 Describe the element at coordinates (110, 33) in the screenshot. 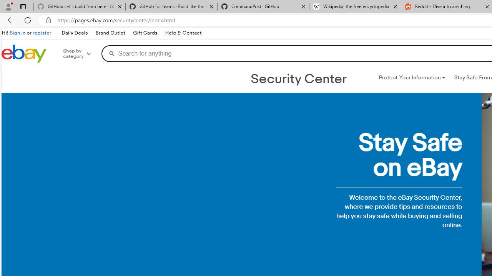

I see `'Brand Outlet'` at that location.